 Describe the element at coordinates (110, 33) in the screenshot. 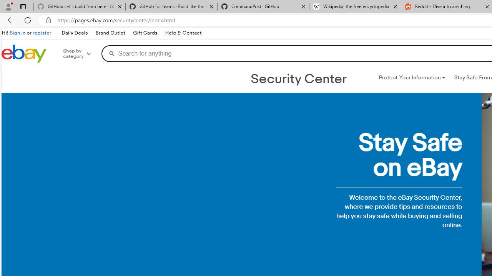

I see `'Brand Outlet'` at that location.